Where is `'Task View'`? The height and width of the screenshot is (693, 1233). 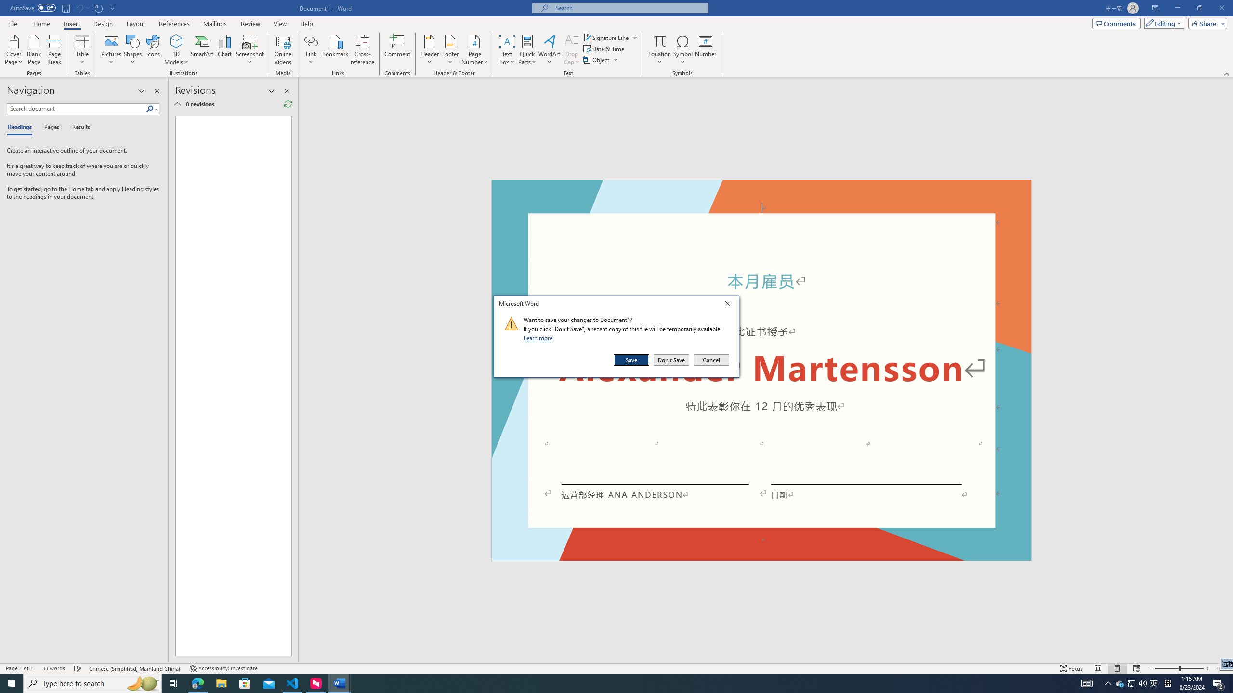 'Task View' is located at coordinates (172, 682).